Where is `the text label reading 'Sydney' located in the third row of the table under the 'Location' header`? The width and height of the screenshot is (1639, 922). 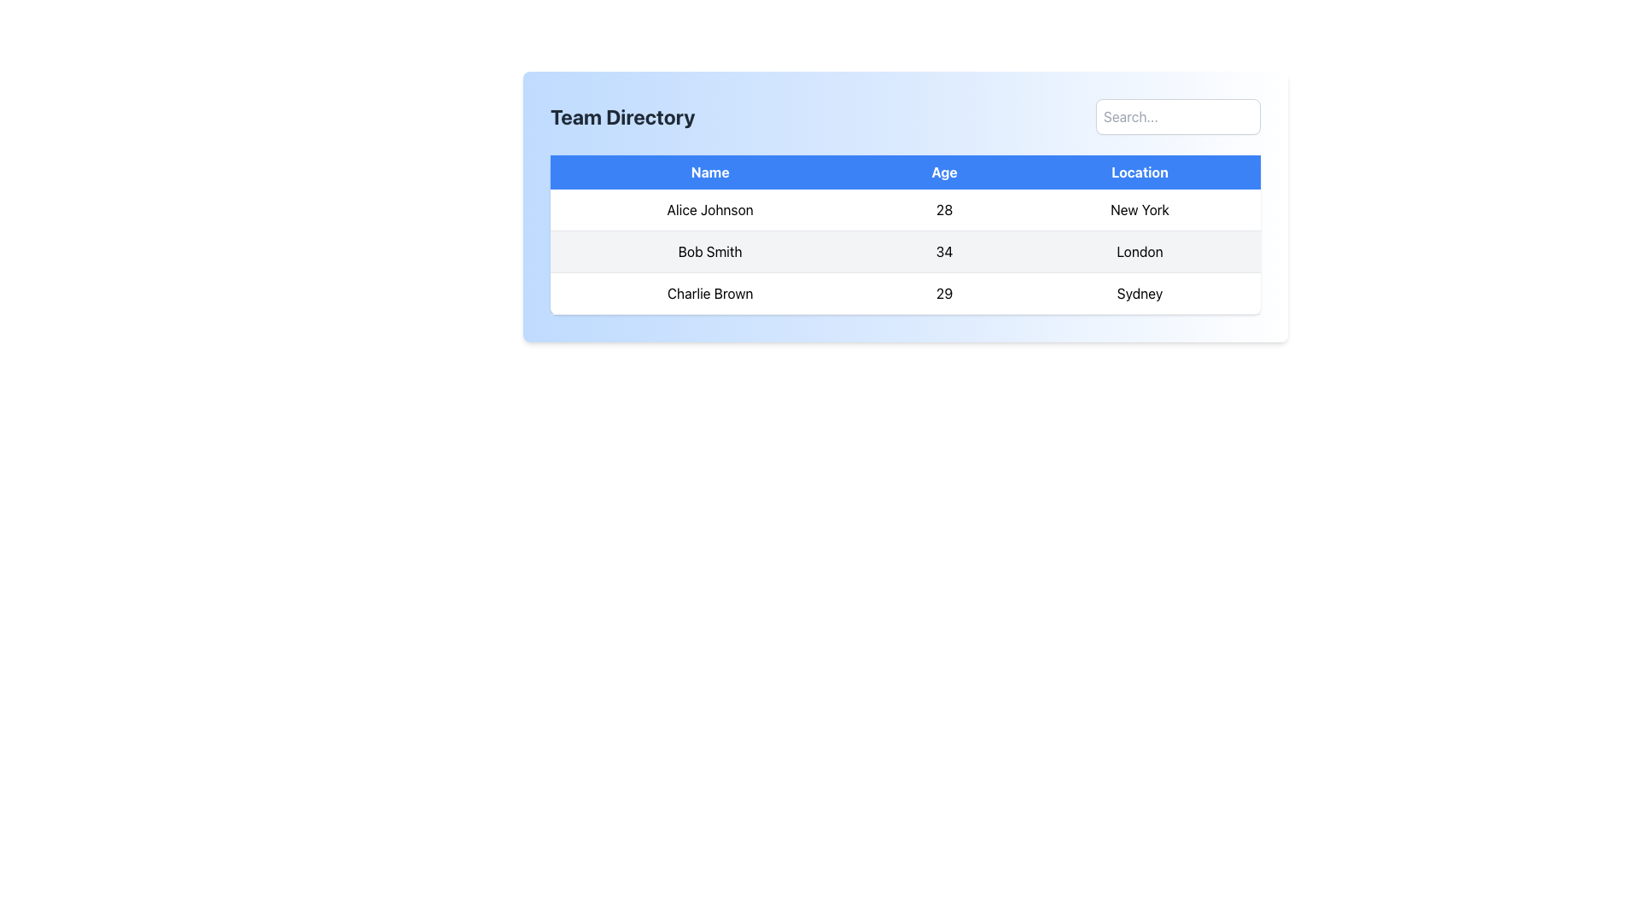 the text label reading 'Sydney' located in the third row of the table under the 'Location' header is located at coordinates (1140, 292).